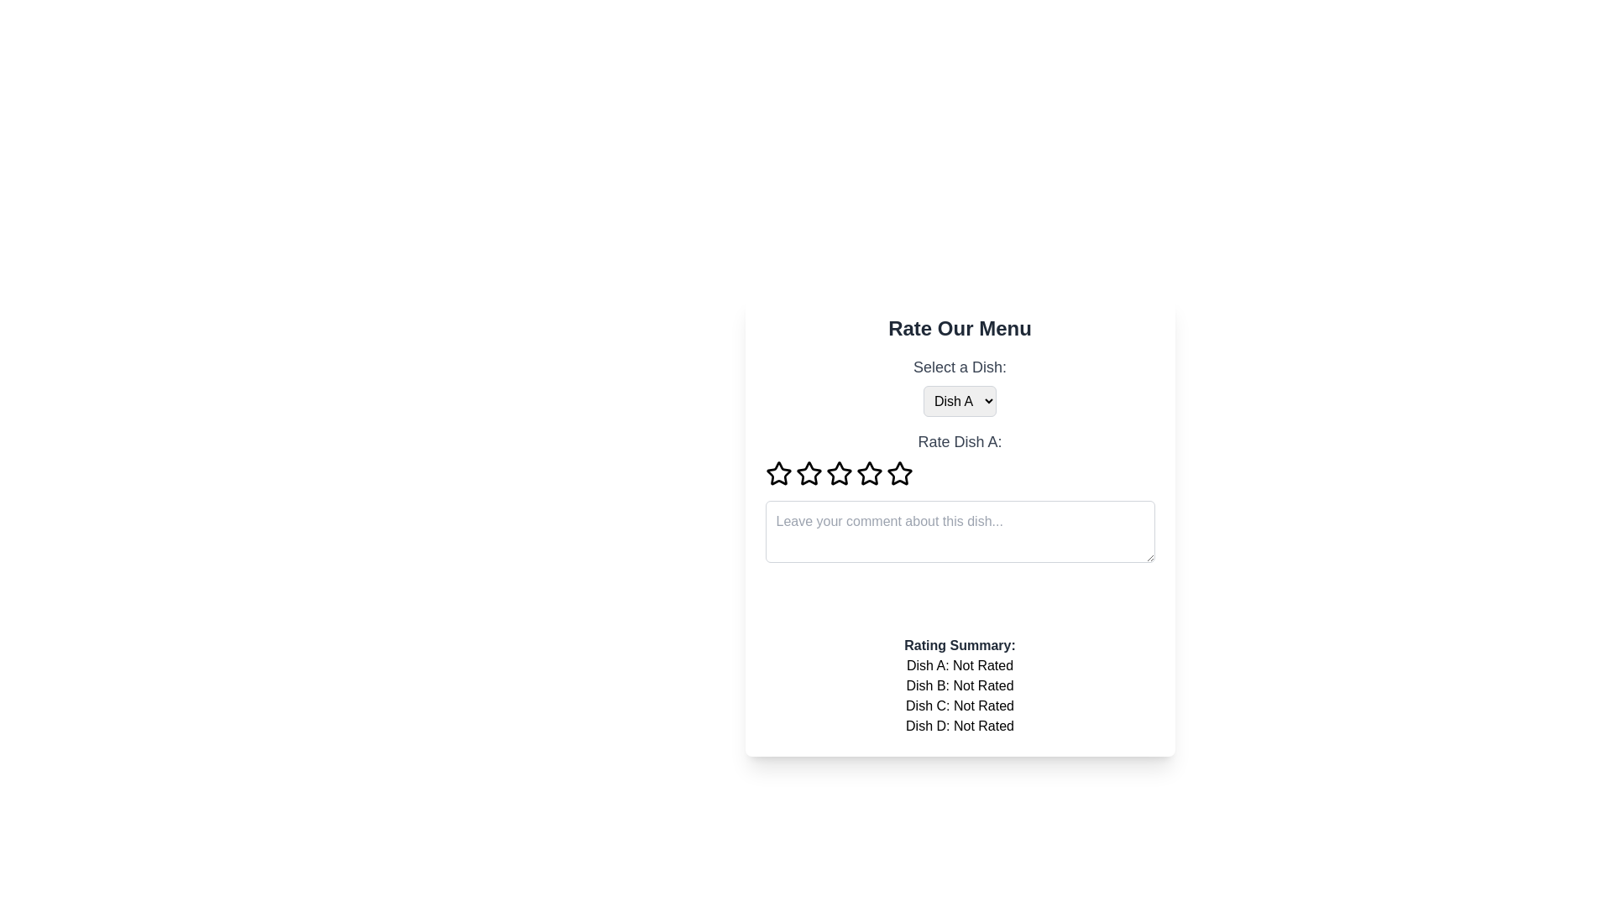  What do you see at coordinates (898, 473) in the screenshot?
I see `the fifth Rating star icon` at bounding box center [898, 473].